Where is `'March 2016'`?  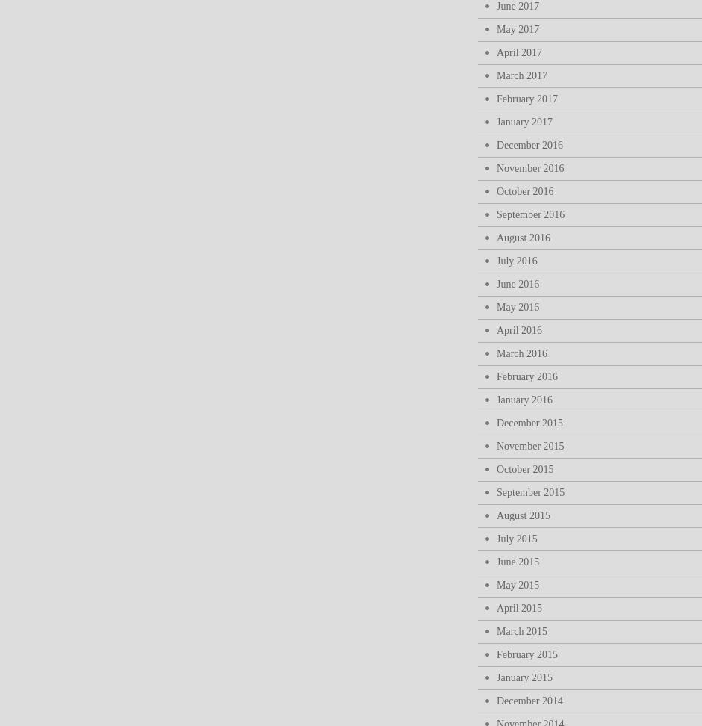
'March 2016' is located at coordinates (521, 353).